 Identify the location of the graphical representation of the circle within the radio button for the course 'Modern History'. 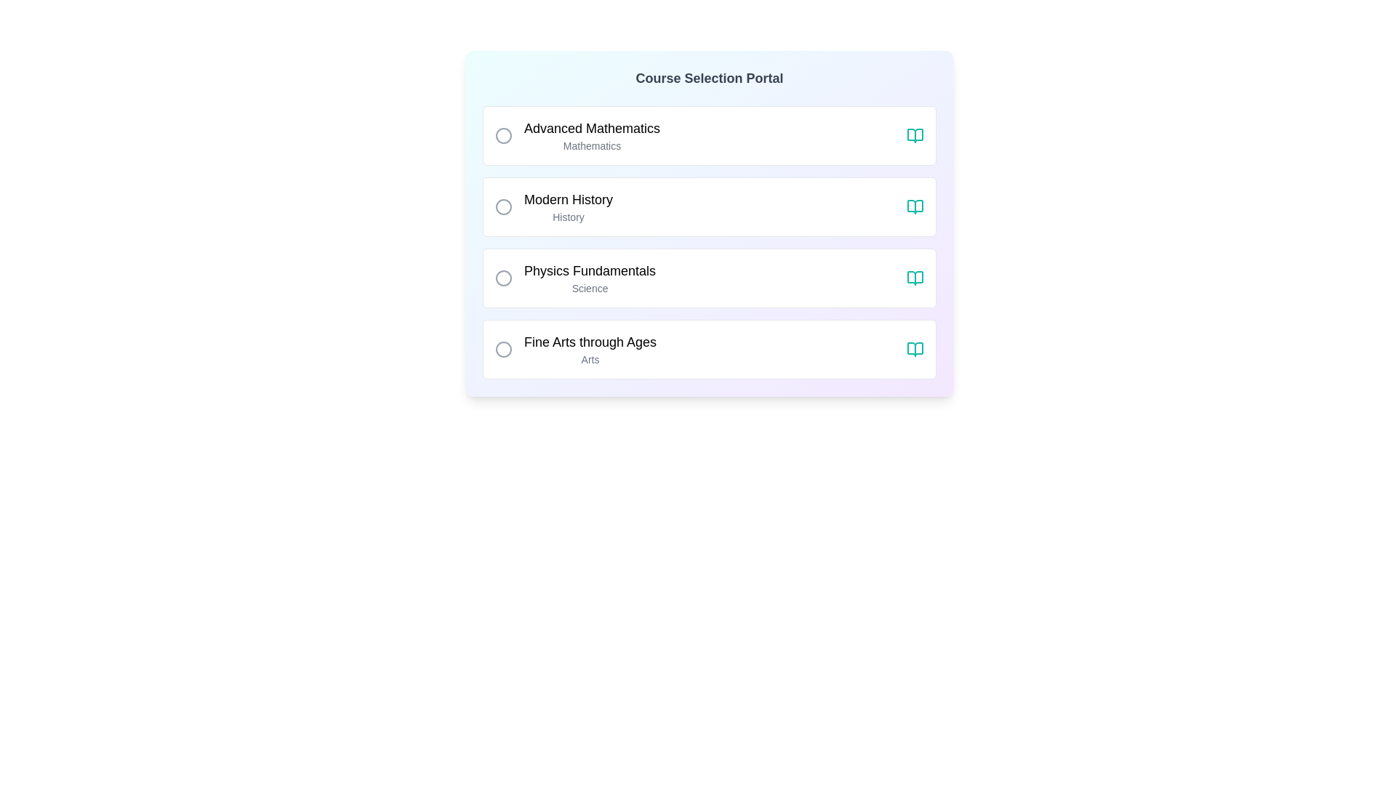
(503, 207).